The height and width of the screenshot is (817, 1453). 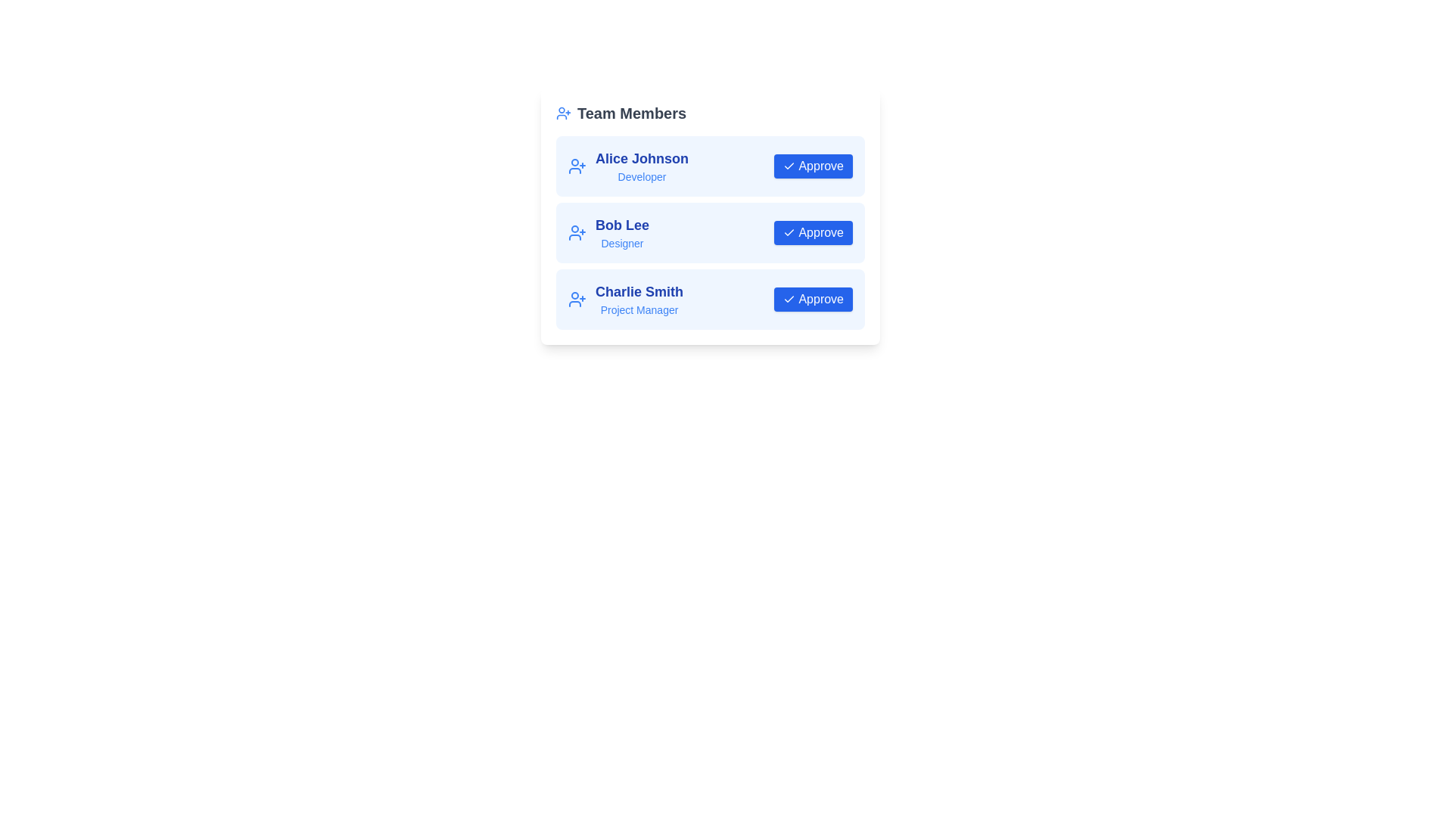 I want to click on the text label representing the name of a team member in the second row of the 'Team Members' section, so click(x=622, y=225).